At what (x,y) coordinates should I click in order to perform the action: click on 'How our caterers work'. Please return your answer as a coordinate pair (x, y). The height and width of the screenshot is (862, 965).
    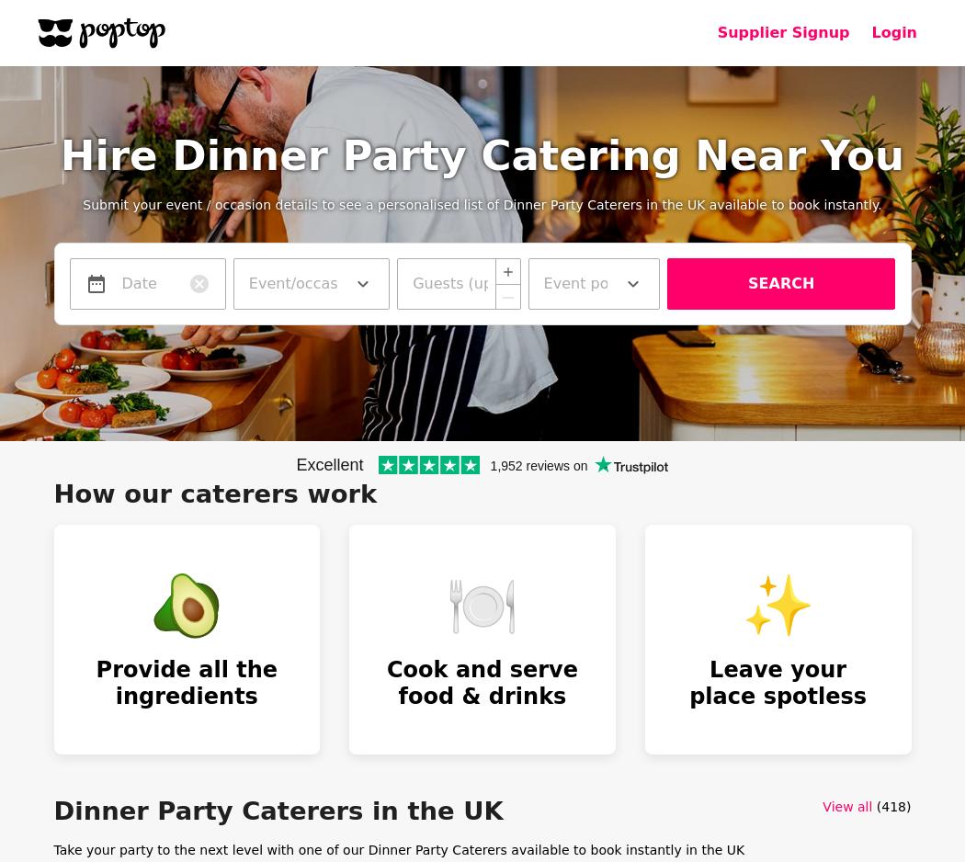
    Looking at the image, I should click on (215, 493).